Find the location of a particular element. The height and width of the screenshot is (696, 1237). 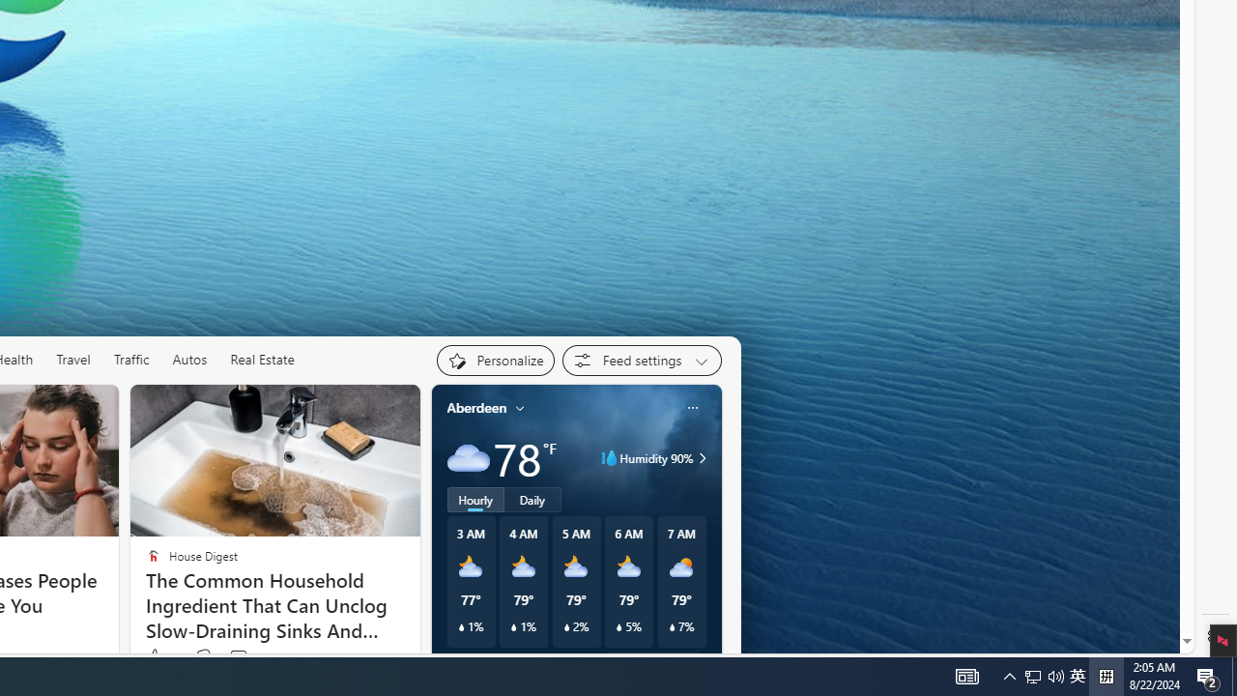

'Dislike' is located at coordinates (203, 656).